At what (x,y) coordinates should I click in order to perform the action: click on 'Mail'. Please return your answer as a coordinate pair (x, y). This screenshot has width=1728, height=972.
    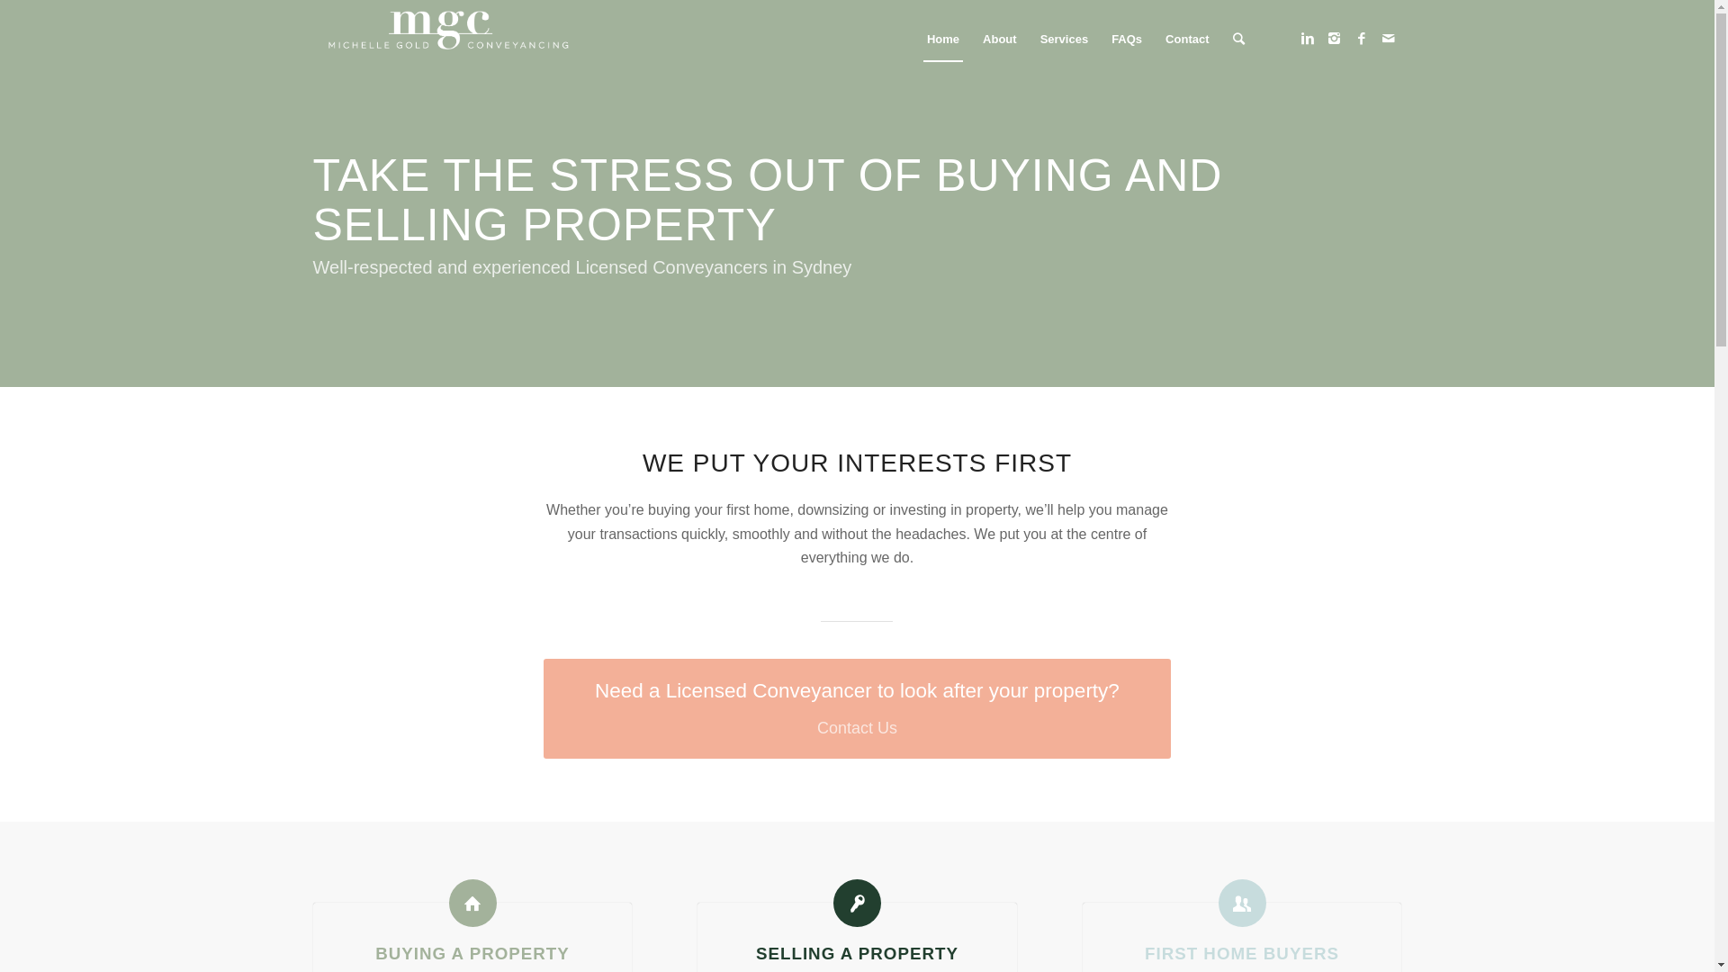
    Looking at the image, I should click on (1387, 38).